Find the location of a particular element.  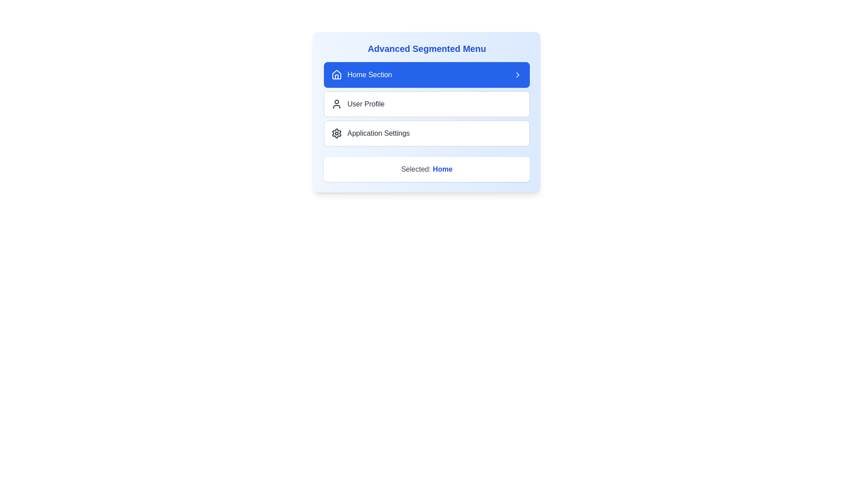

the navigational button for the 'Home Section' located in the top-left quadrant of the segmented menu interface is located at coordinates (362, 75).